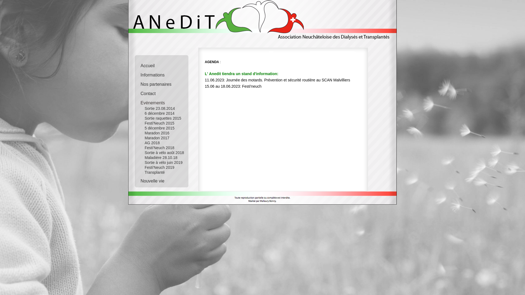 This screenshot has width=525, height=295. I want to click on 'Maradon 2017', so click(161, 138).